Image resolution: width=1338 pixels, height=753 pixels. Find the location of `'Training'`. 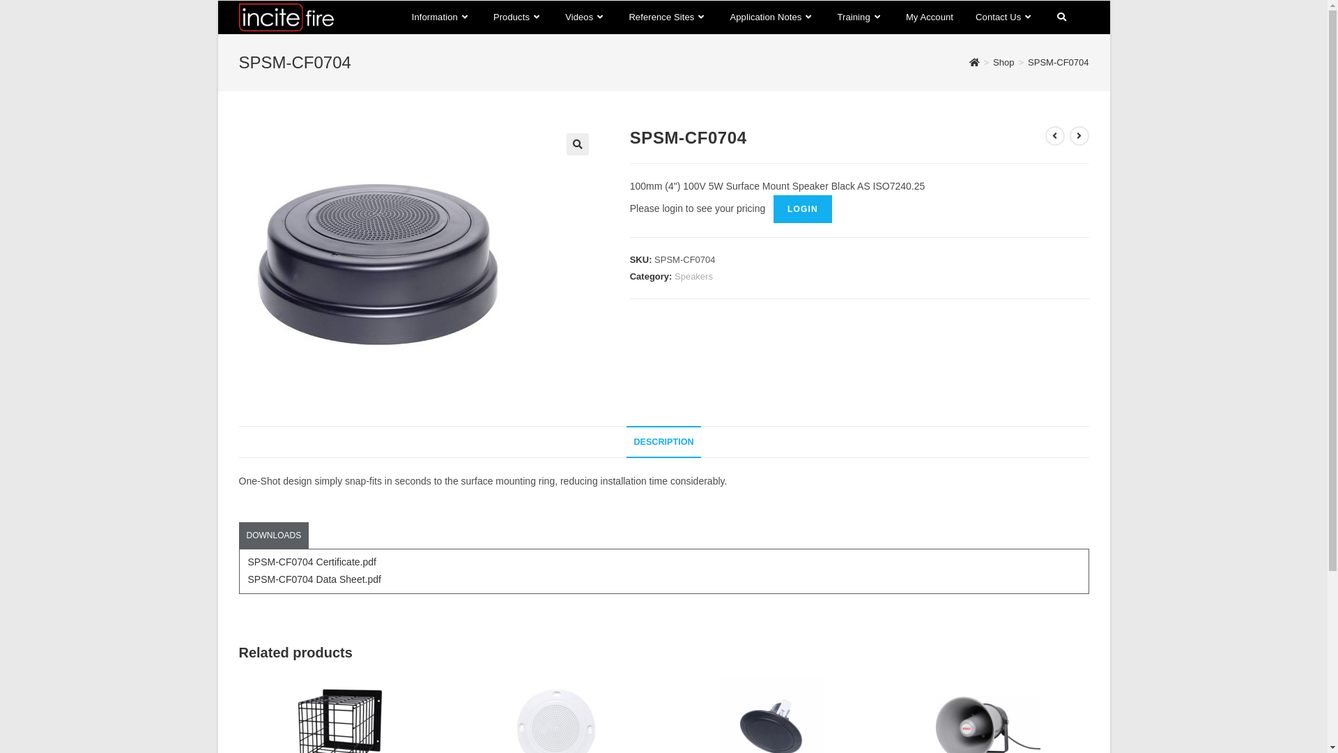

'Training' is located at coordinates (859, 17).